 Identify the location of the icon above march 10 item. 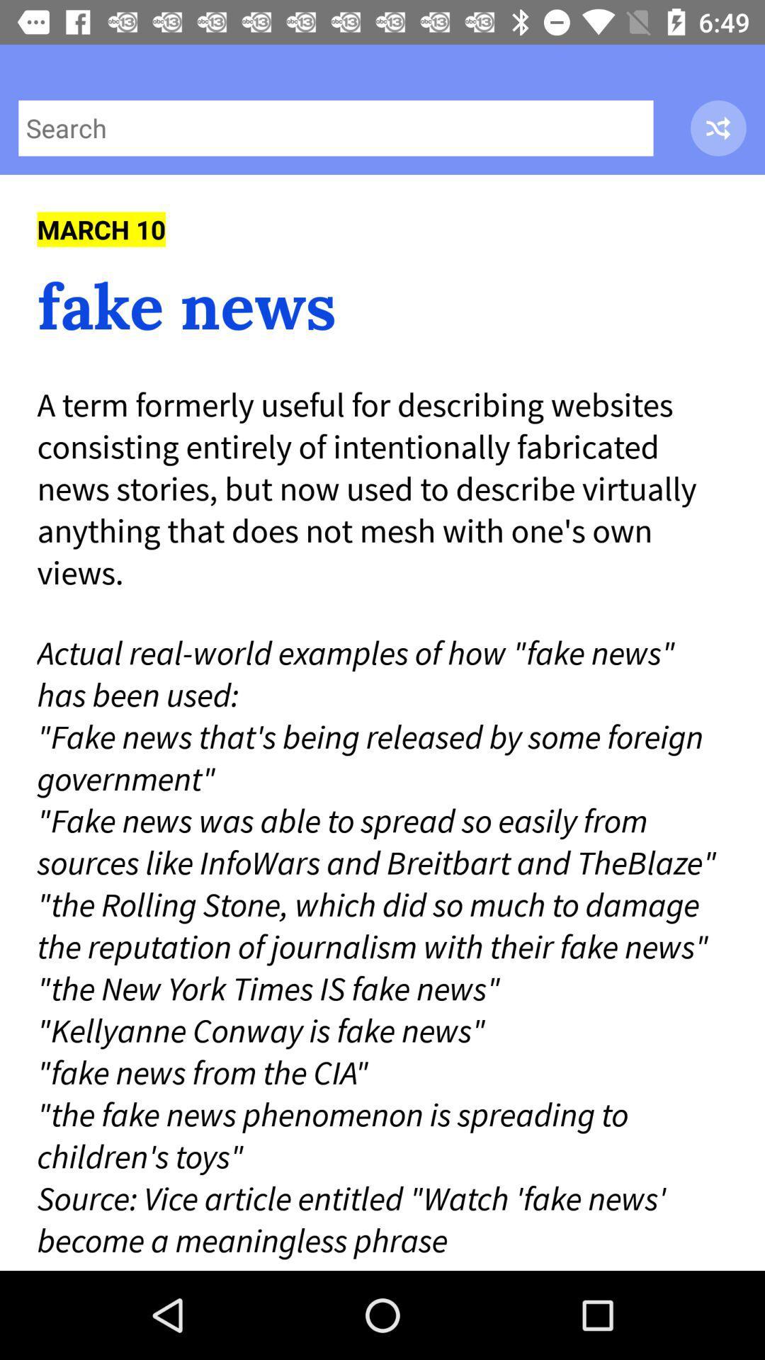
(336, 128).